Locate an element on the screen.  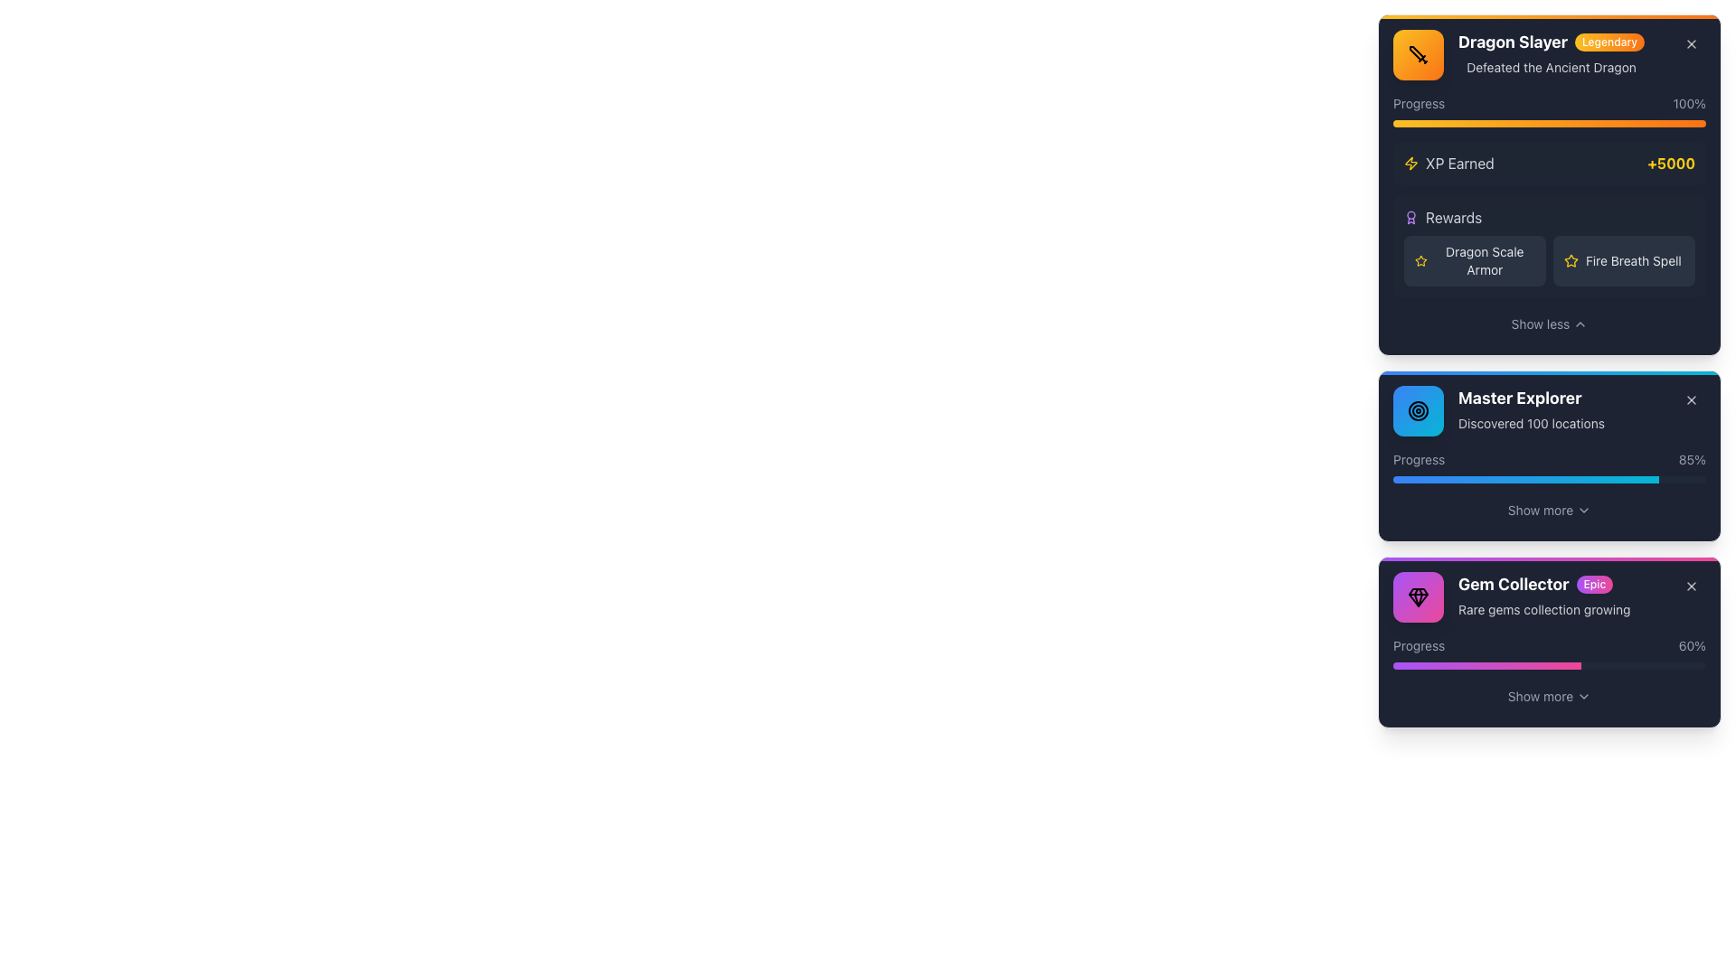
the label displaying '60%' styled with a gray font color, located on the dark rectangular background to the right of the 'Progress' text within the 'Gem Collector' card is located at coordinates (1691, 644).